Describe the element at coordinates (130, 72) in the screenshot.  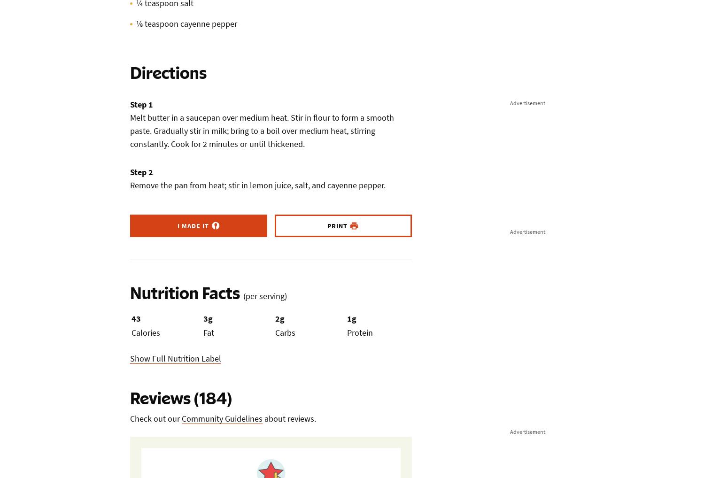
I see `'Directions'` at that location.